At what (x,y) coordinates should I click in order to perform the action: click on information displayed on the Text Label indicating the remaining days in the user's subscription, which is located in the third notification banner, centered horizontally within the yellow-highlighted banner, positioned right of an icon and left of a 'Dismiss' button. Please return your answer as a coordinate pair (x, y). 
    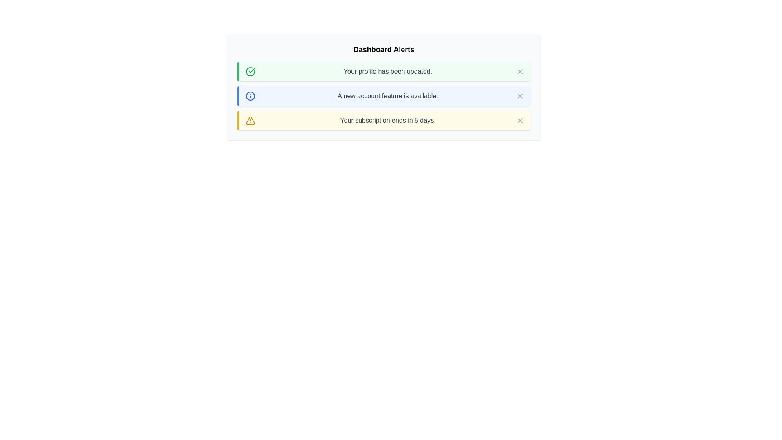
    Looking at the image, I should click on (387, 121).